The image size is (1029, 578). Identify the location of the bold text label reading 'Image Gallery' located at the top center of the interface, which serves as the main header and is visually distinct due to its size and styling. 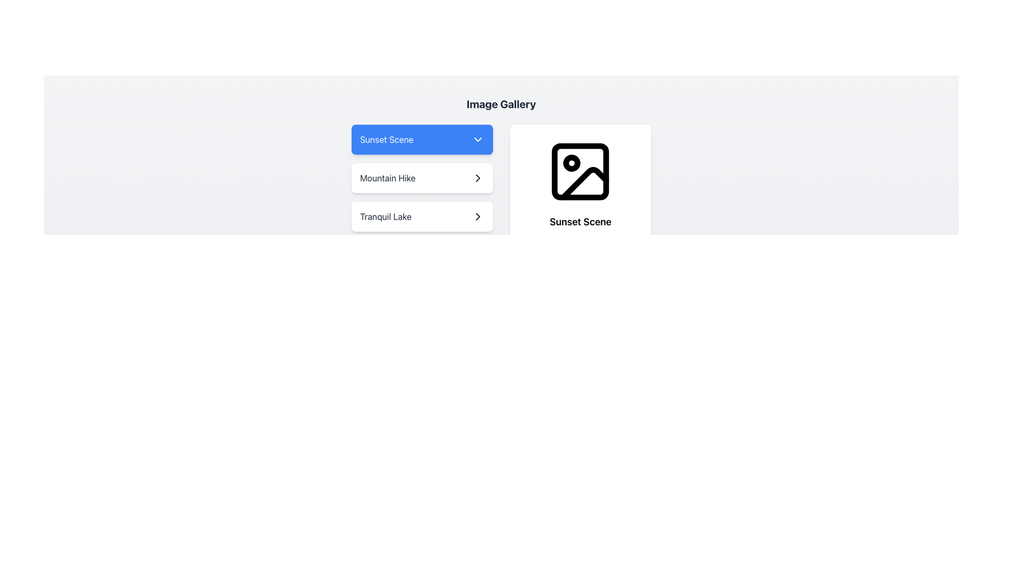
(501, 104).